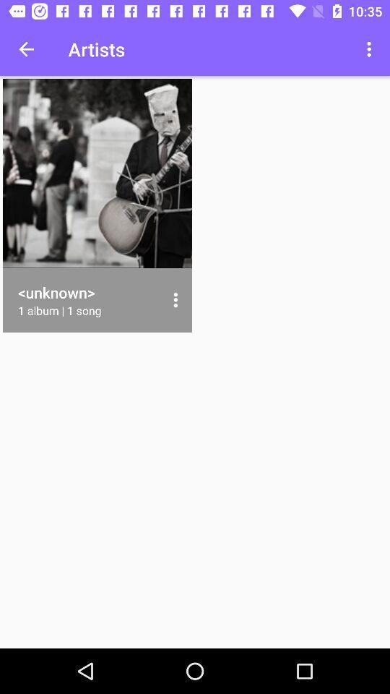 This screenshot has height=694, width=390. I want to click on item at the top right corner, so click(370, 49).